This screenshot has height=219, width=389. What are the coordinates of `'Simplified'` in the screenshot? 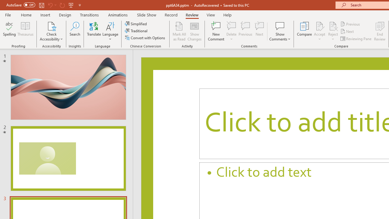 It's located at (136, 23).